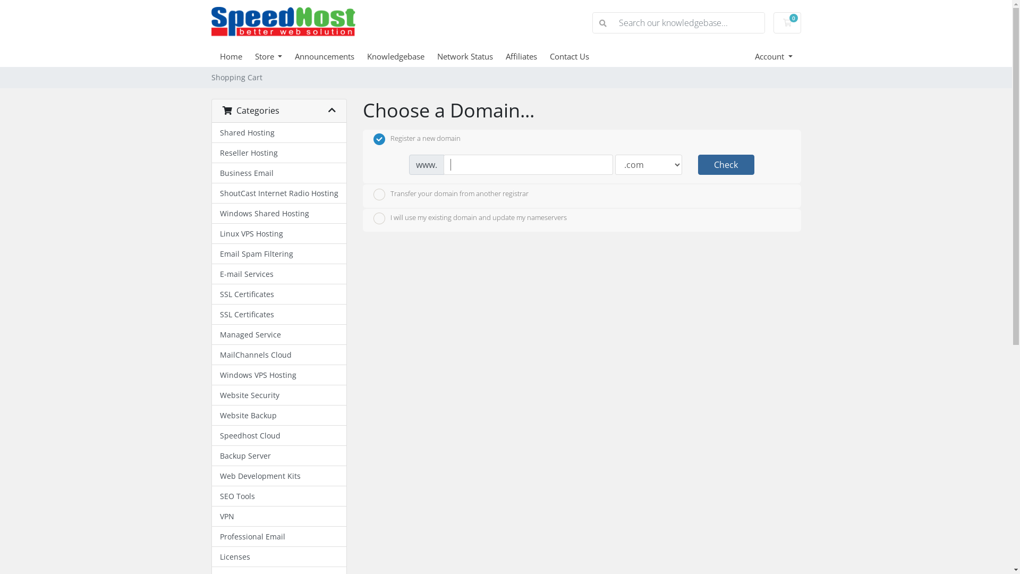 Image resolution: width=1020 pixels, height=574 pixels. I want to click on 'Contact Us', so click(575, 56).